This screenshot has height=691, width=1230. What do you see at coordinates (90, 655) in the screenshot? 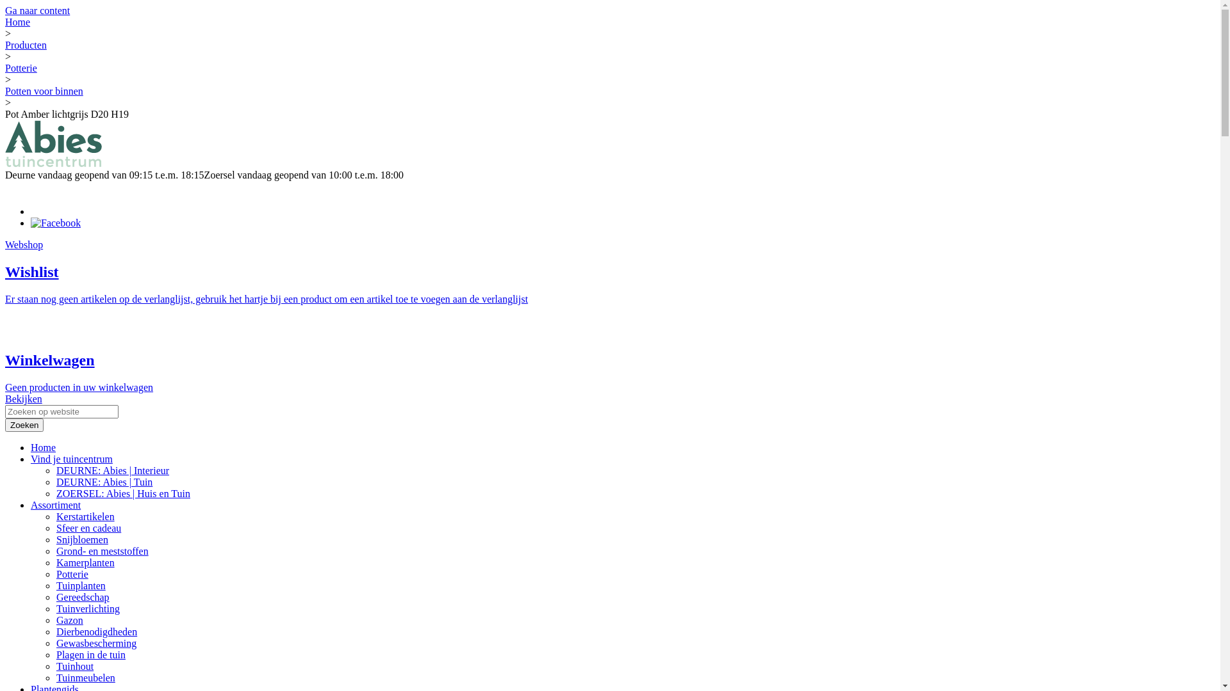
I see `'Plagen in de tuin'` at bounding box center [90, 655].